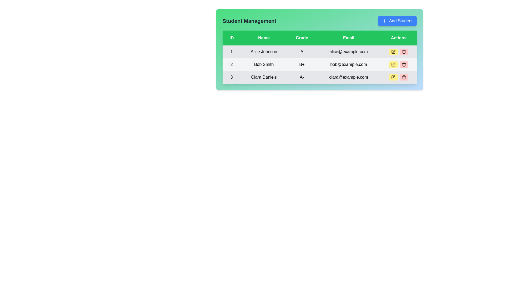 The width and height of the screenshot is (510, 287). I want to click on the graphical part of the 'edit' icon located in the 'Actions' column of the last row in the table, so click(393, 77).